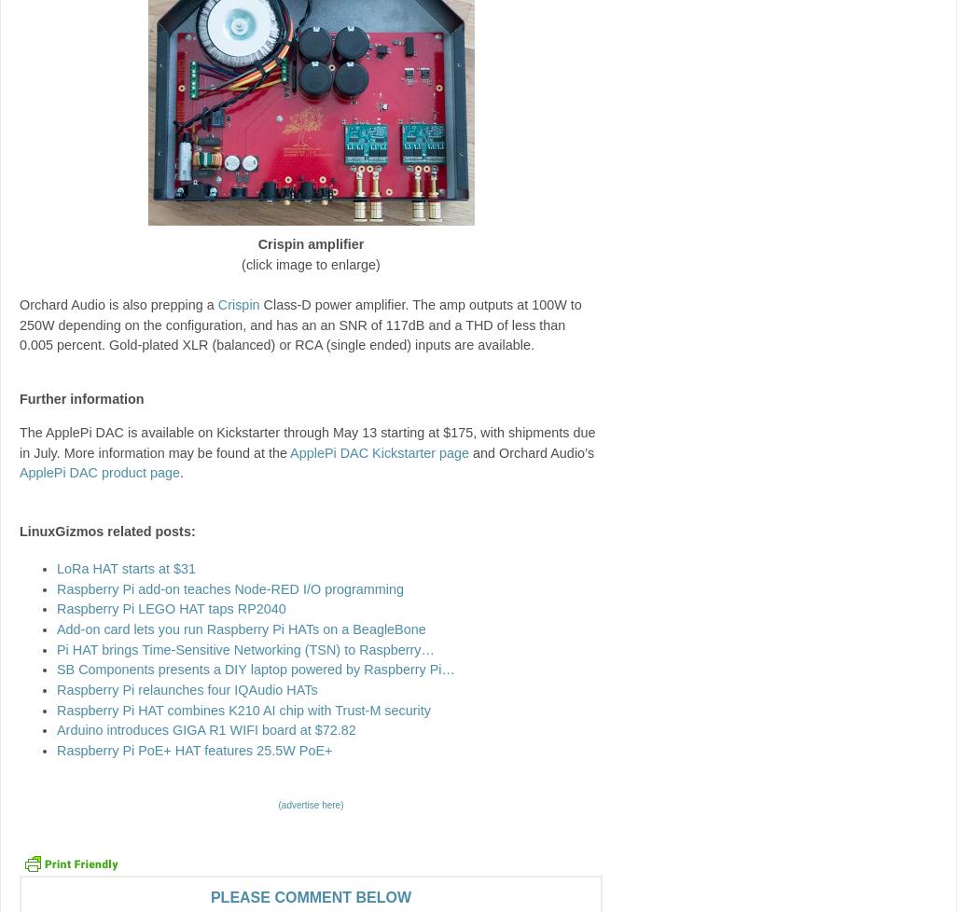 This screenshot has height=912, width=957. I want to click on 'LoRa HAT starts at $31', so click(56, 568).